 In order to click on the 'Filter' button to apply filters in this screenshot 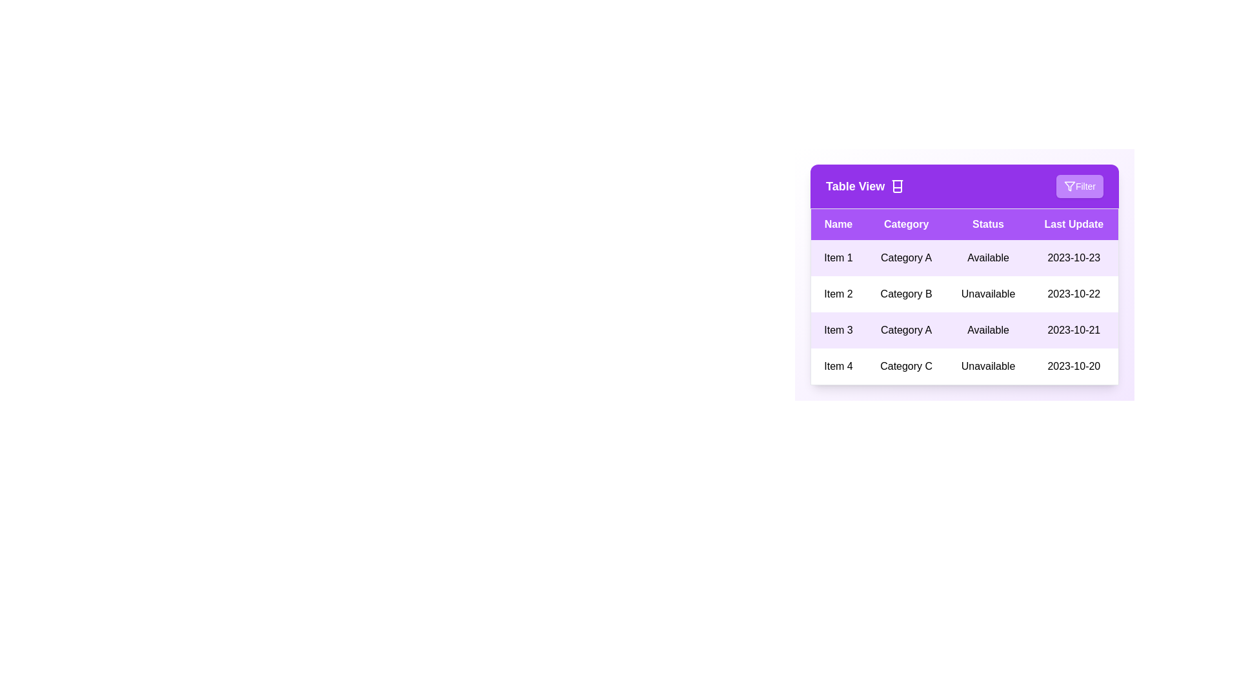, I will do `click(1080, 187)`.